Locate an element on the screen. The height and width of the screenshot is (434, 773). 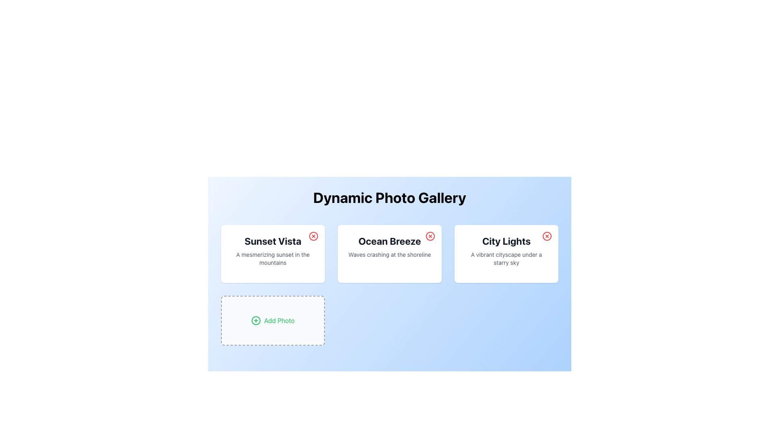
the text label that displays 'A vibrant cityscape under a starry sky' to potentially trigger a tooltip is located at coordinates (506, 259).